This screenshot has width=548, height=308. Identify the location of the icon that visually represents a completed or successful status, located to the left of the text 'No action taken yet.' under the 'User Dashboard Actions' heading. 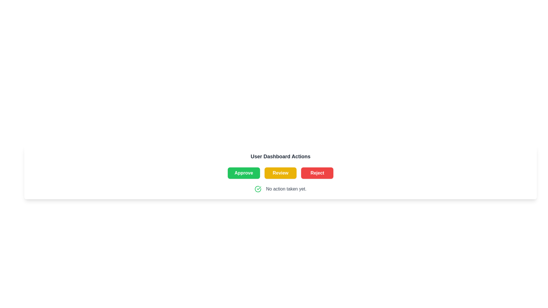
(258, 189).